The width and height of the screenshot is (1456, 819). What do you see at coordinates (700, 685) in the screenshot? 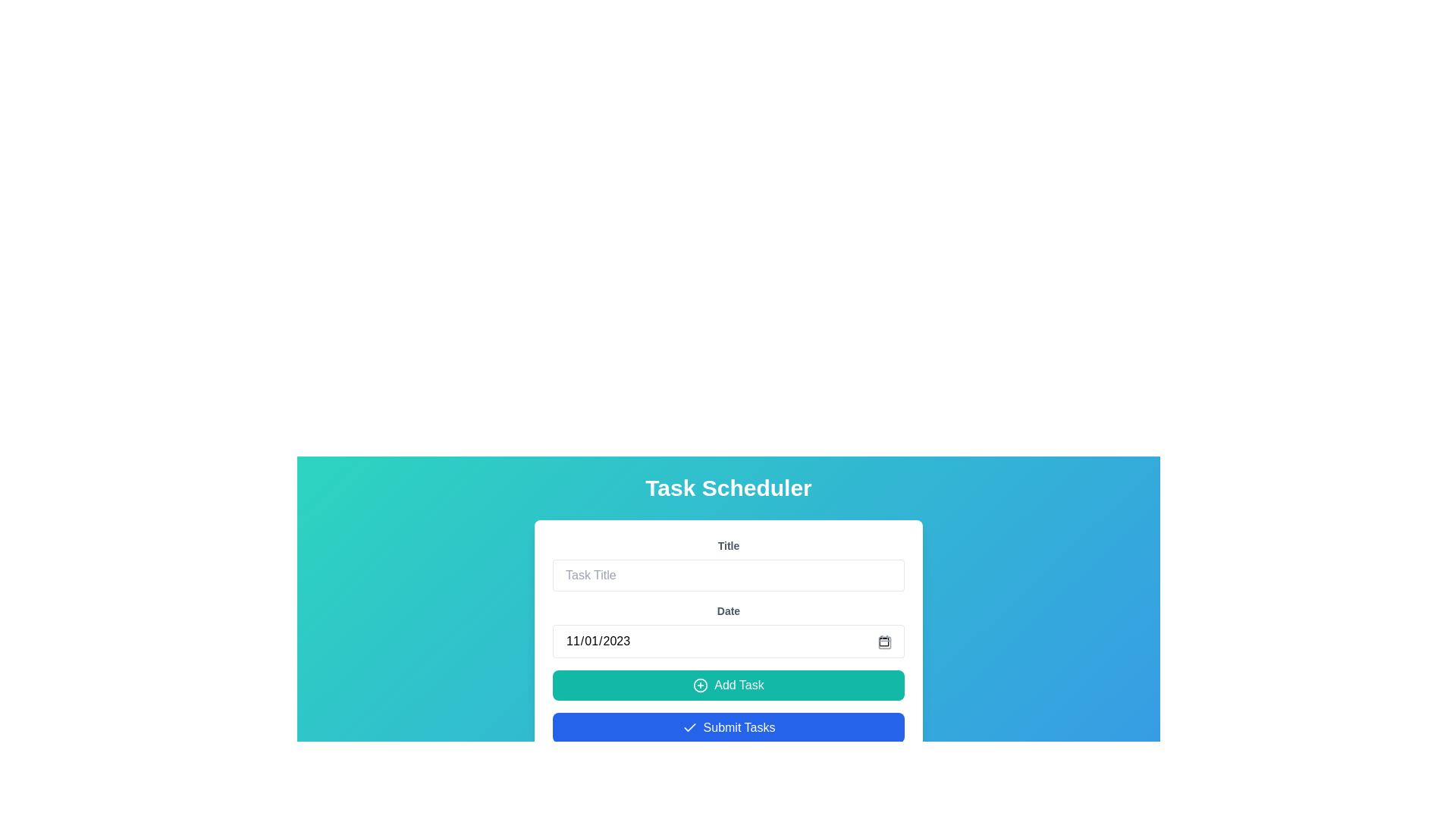
I see `the SVG circle that is part of the '+' symbol graphic located to the left of the 'Add Task' button` at bounding box center [700, 685].